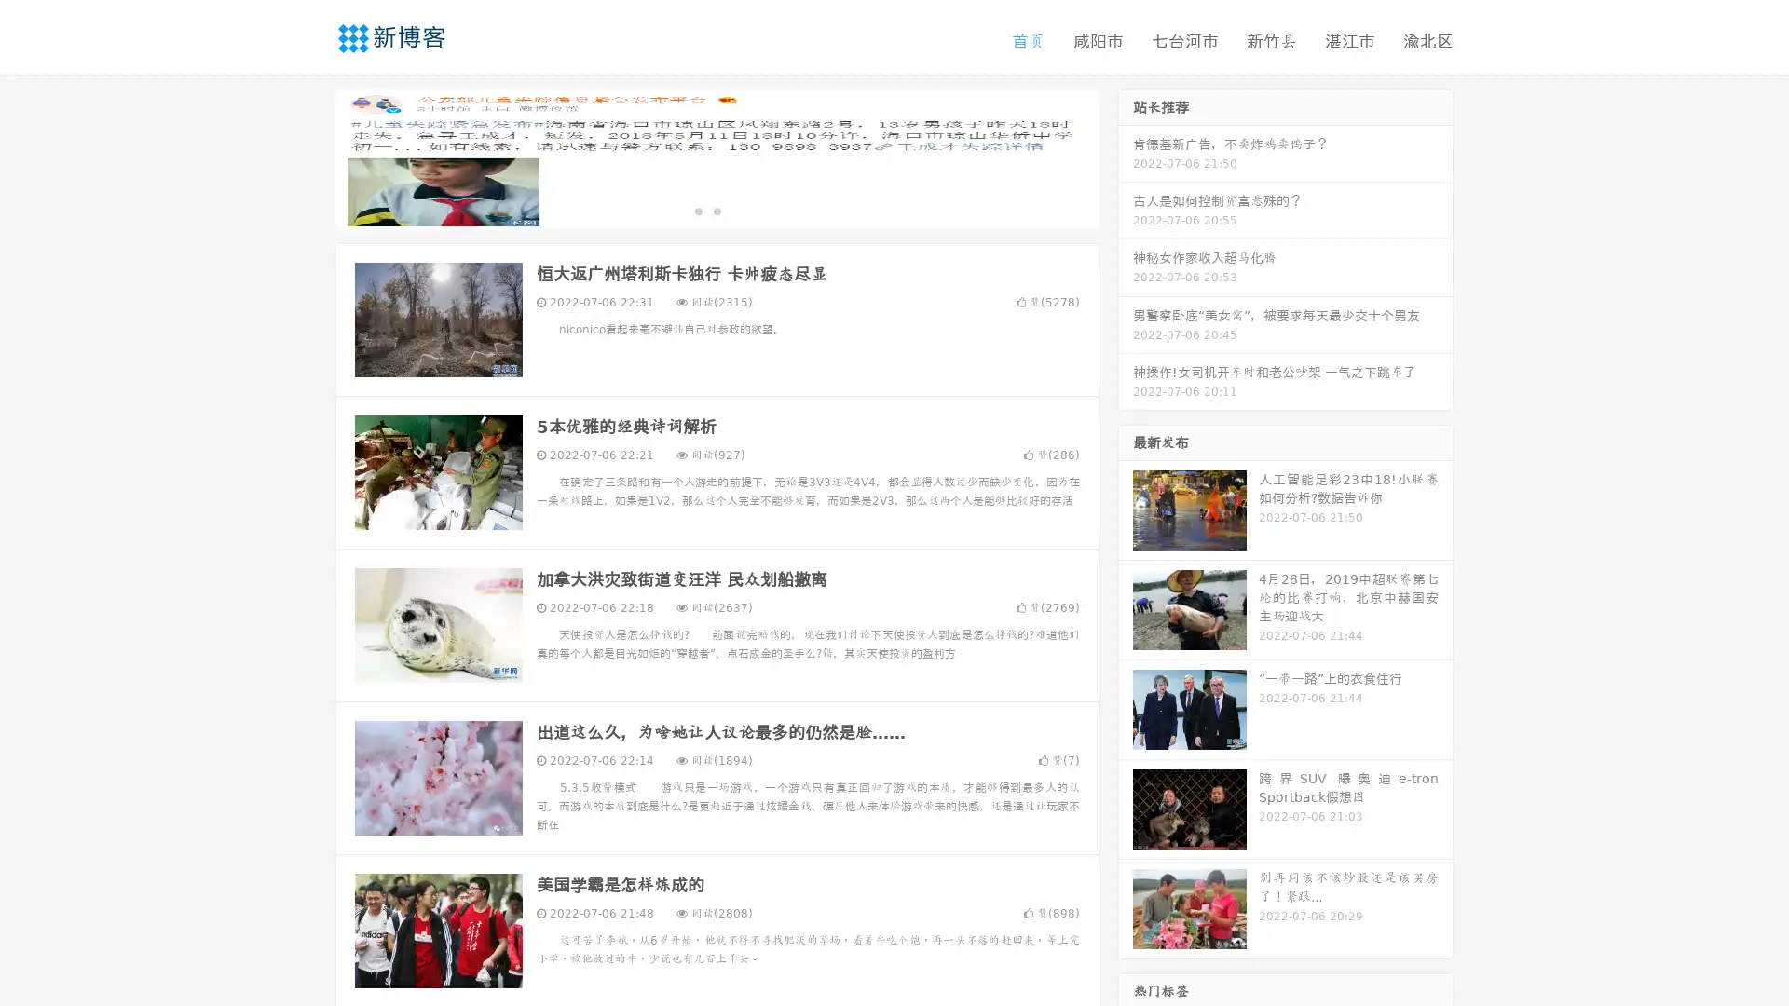  I want to click on Next slide, so click(1126, 156).